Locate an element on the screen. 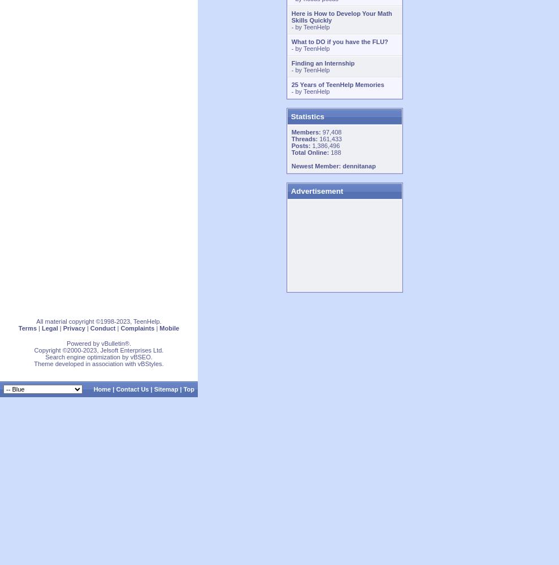 This screenshot has height=565, width=559. 'Here is How to Develop Your Math Skills Quickly' is located at coordinates (340, 17).